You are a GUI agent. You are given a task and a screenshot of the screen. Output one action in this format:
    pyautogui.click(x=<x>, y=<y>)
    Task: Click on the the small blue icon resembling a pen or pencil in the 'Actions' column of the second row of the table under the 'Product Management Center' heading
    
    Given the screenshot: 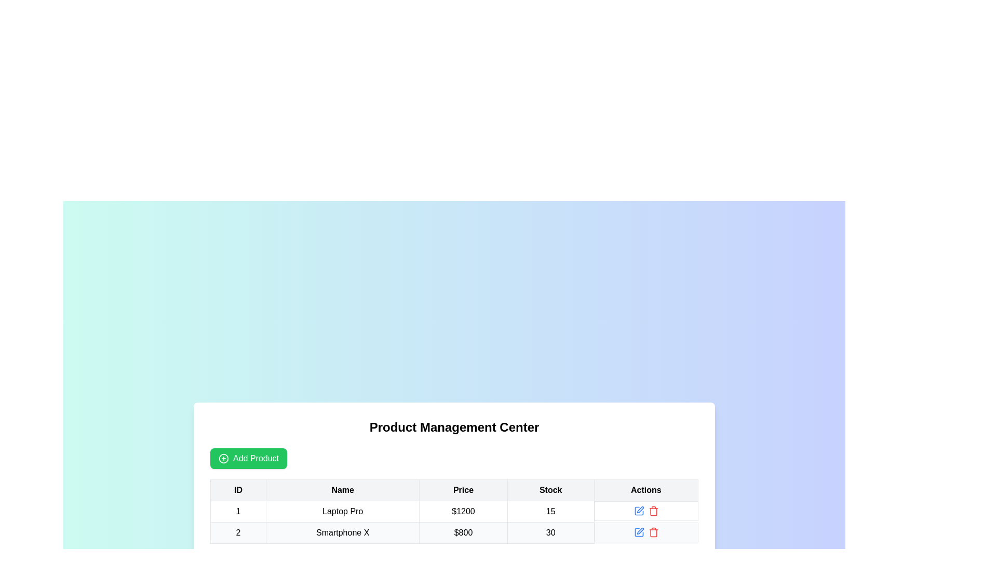 What is the action you would take?
    pyautogui.click(x=638, y=510)
    